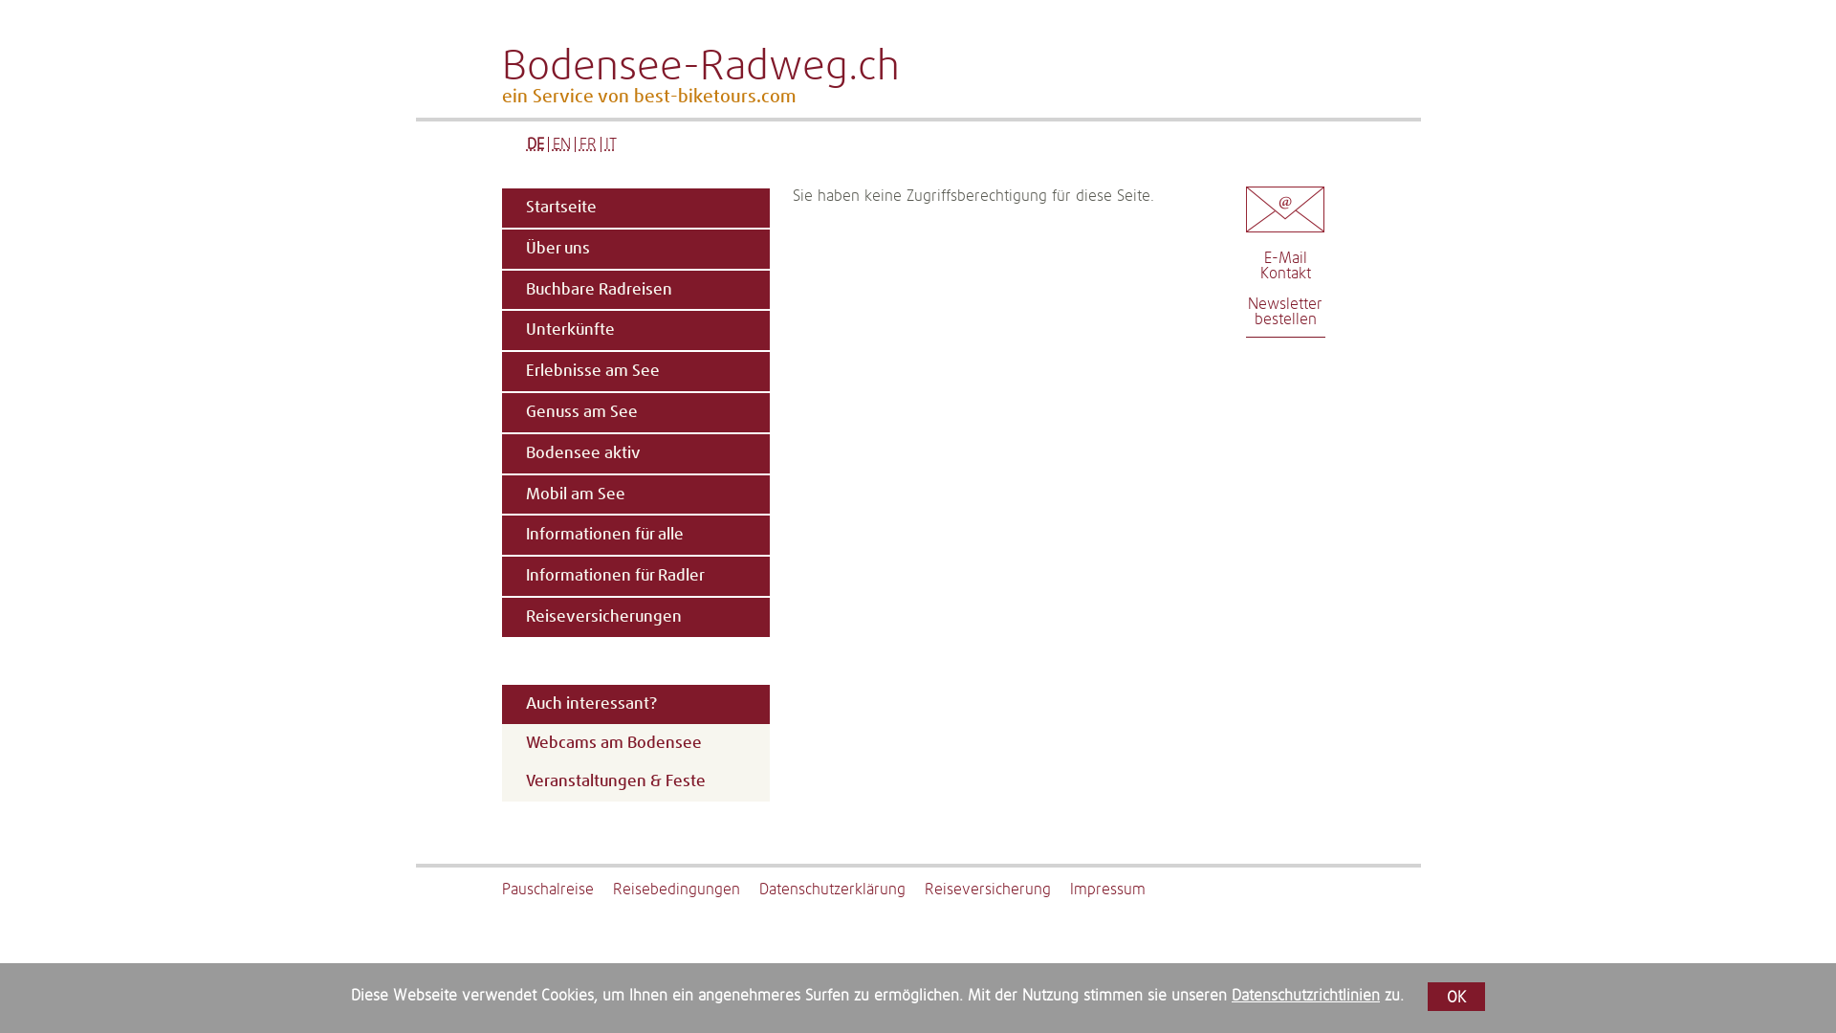  I want to click on 'Erlebnisse am See', so click(633, 371).